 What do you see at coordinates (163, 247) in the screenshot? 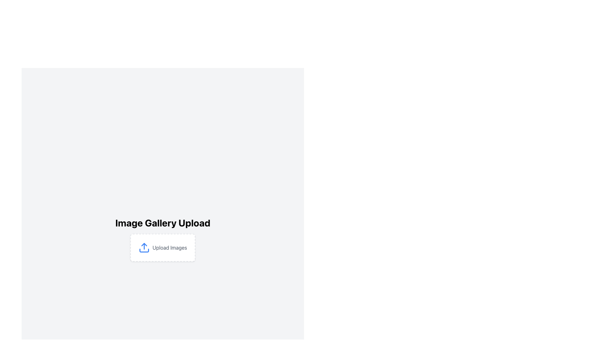
I see `the File upload button area that features a dashed border, a blue upward arrow icon, and the text 'Upload Images'` at bounding box center [163, 247].